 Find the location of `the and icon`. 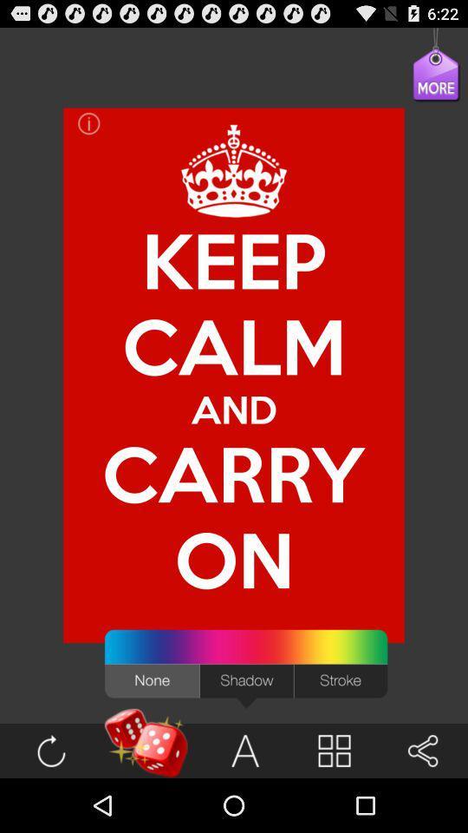

the and icon is located at coordinates (234, 409).